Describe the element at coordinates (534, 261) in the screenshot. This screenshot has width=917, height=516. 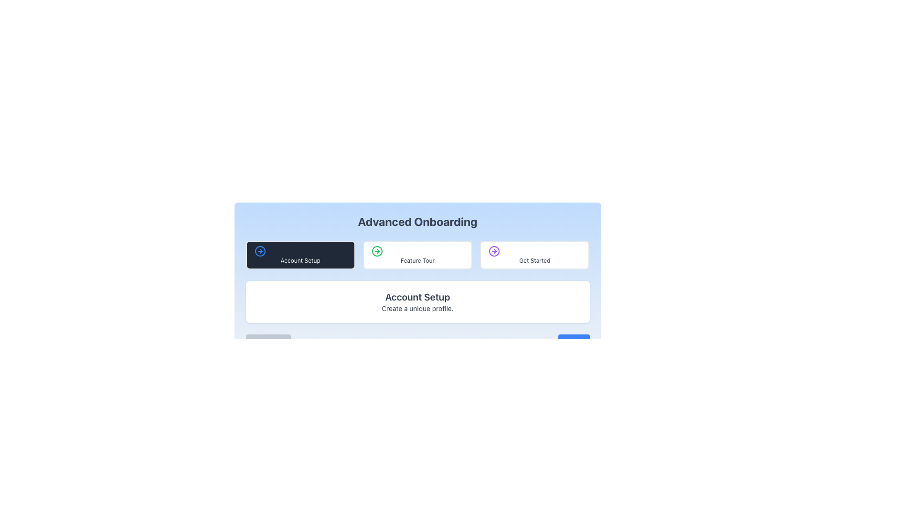
I see `text from the 'Get Started' label, which is a small dark gray text centered within its card under the 'Advanced Onboarding' header` at that location.